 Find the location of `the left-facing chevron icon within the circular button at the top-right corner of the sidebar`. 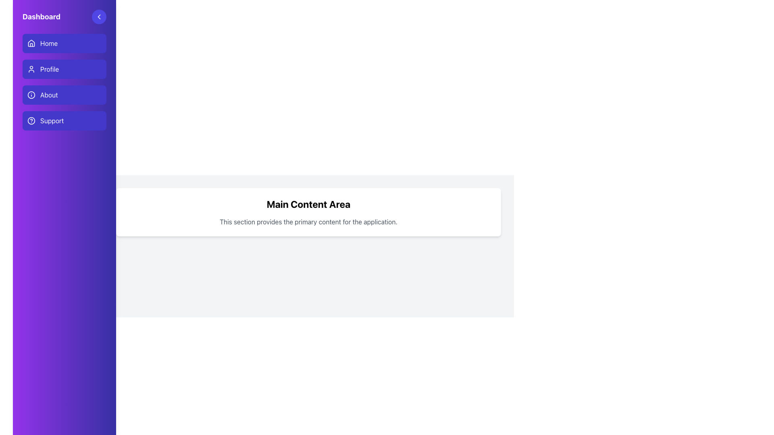

the left-facing chevron icon within the circular button at the top-right corner of the sidebar is located at coordinates (98, 17).